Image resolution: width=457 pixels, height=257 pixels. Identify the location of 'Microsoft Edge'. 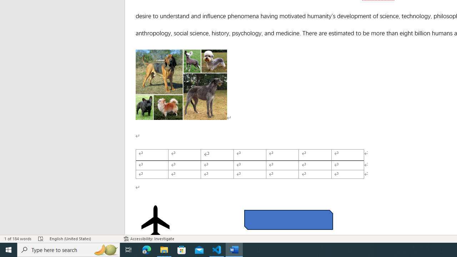
(146, 249).